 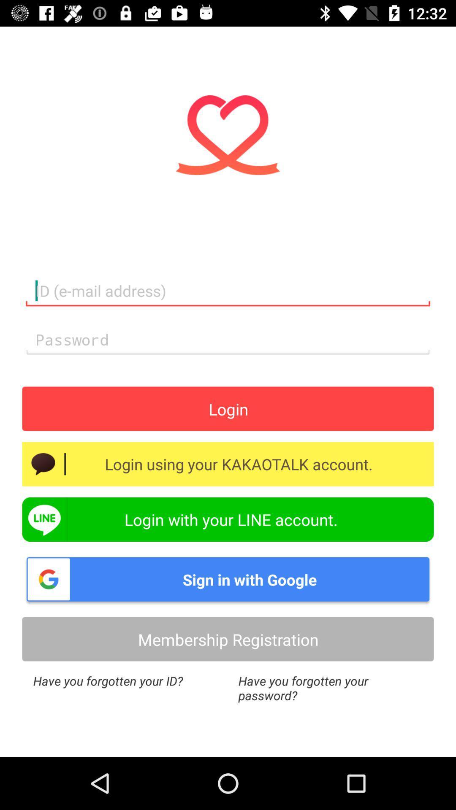 What do you see at coordinates (228, 639) in the screenshot?
I see `icon above the have you forgotten icon` at bounding box center [228, 639].